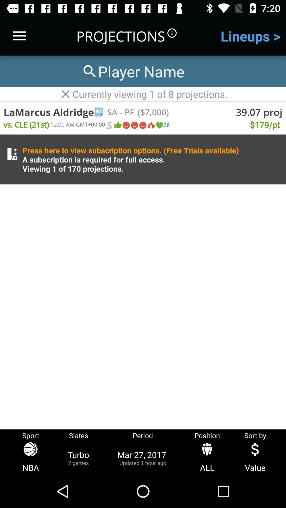 This screenshot has width=286, height=508. Describe the element at coordinates (99, 112) in the screenshot. I see `the file icon on the left side of the lamarcus aldridge` at that location.